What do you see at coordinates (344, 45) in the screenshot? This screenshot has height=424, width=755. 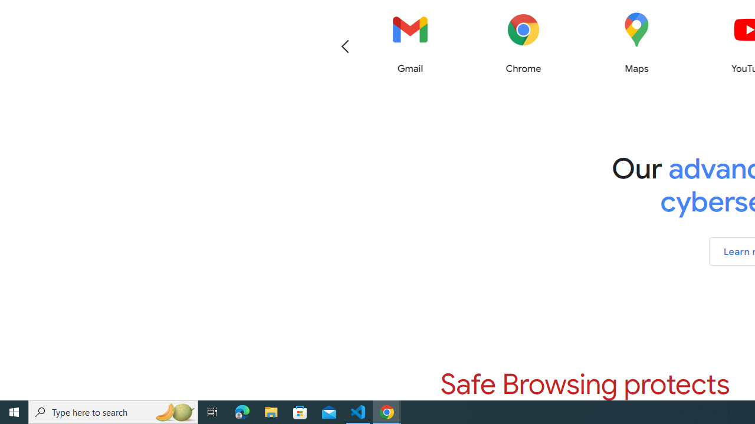 I see `'Previous'` at bounding box center [344, 45].